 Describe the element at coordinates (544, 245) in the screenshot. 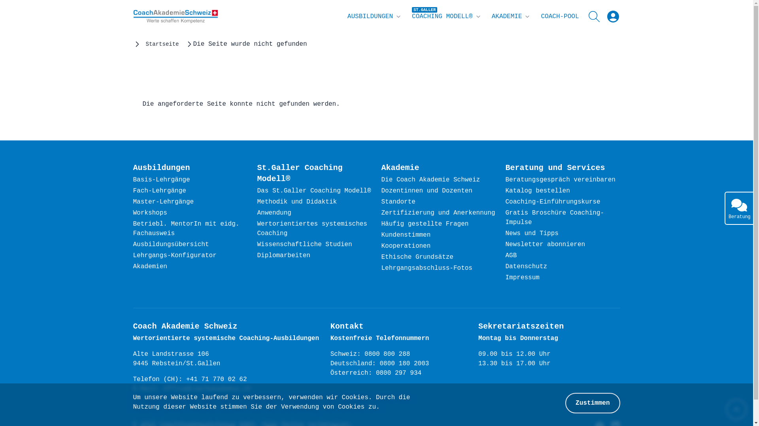

I see `'Newsletter abonnieren'` at that location.